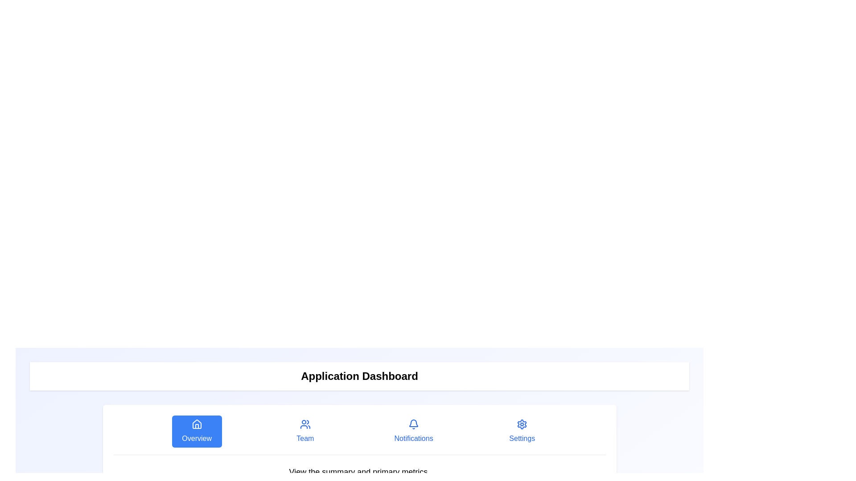 This screenshot has width=856, height=481. What do you see at coordinates (413, 424) in the screenshot?
I see `the notification icon within the 'Notifications' button in the navigation menu, which is the third option between 'Team' and 'Settings'` at bounding box center [413, 424].